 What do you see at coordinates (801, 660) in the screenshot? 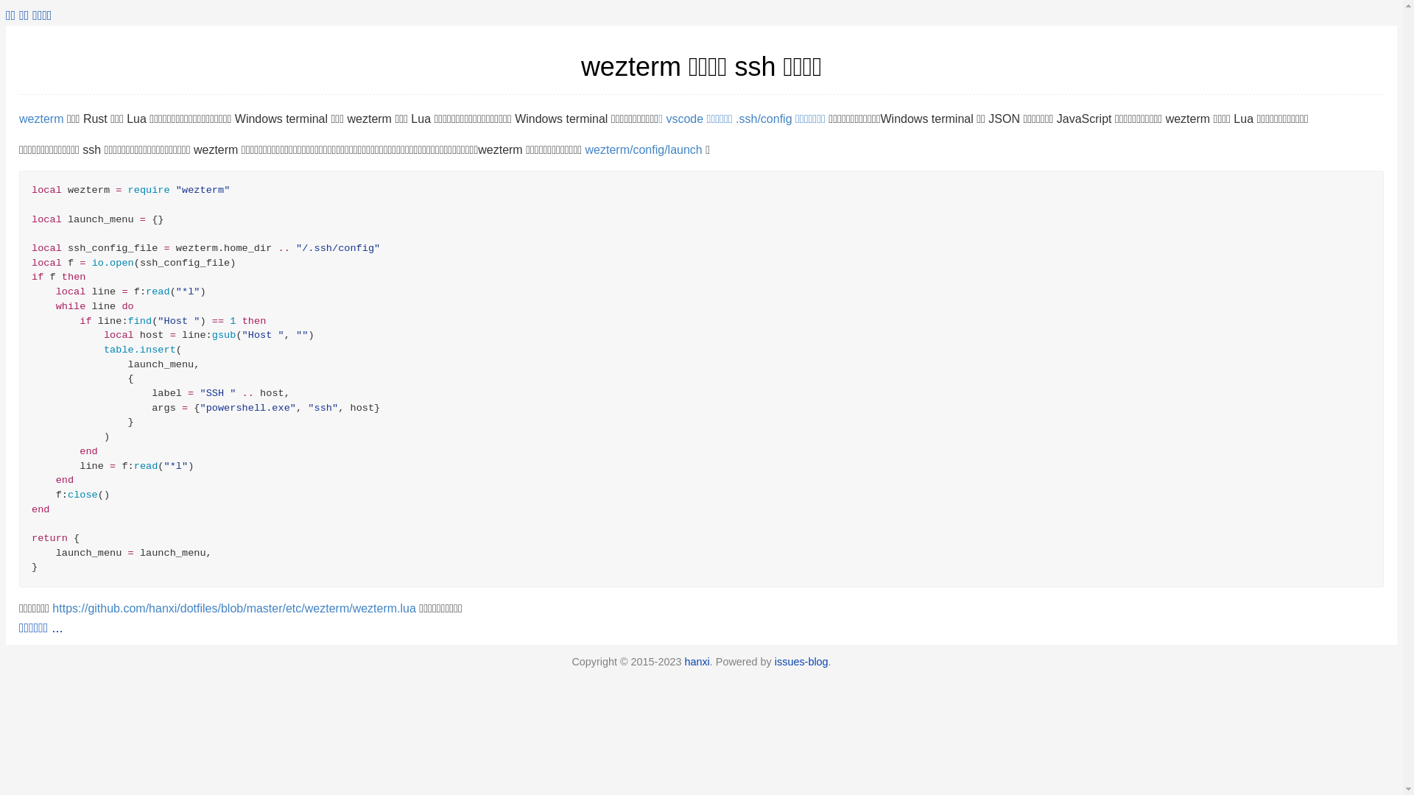
I see `'issues-blog'` at bounding box center [801, 660].